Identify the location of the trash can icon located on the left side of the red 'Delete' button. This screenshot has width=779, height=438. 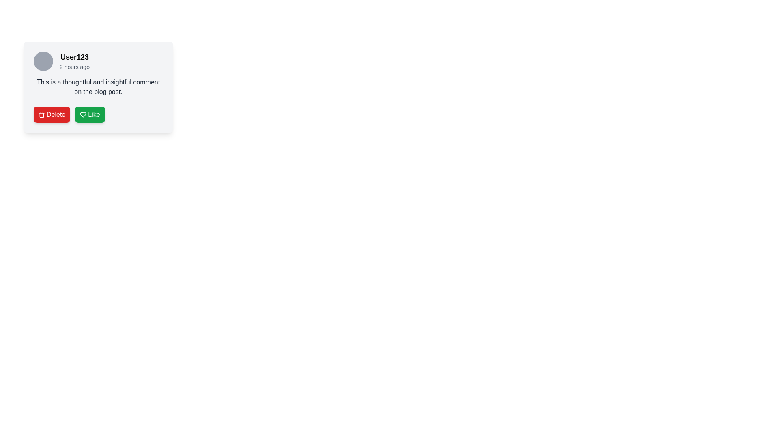
(41, 114).